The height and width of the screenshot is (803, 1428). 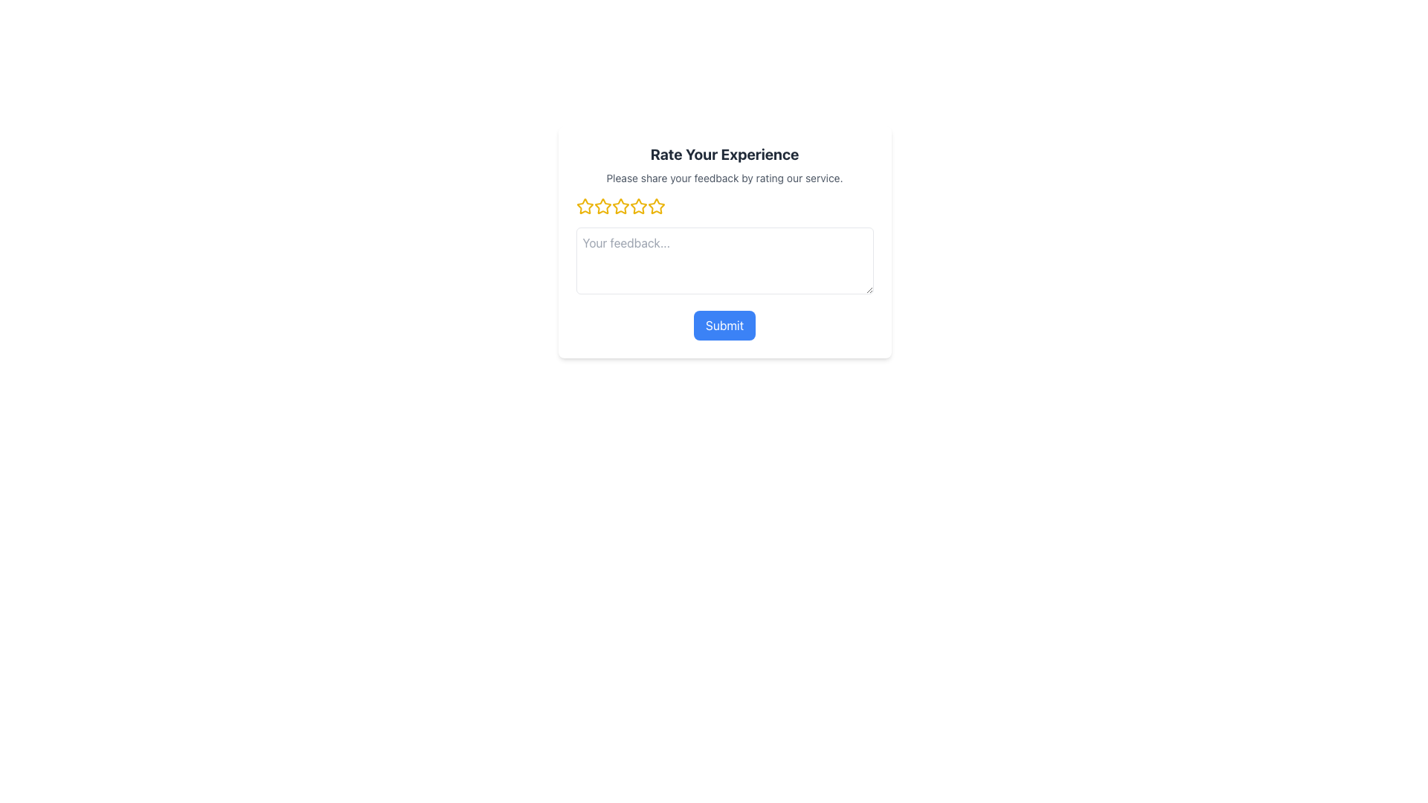 What do you see at coordinates (620, 206) in the screenshot?
I see `the second star icon with a yellow border and white inner area` at bounding box center [620, 206].